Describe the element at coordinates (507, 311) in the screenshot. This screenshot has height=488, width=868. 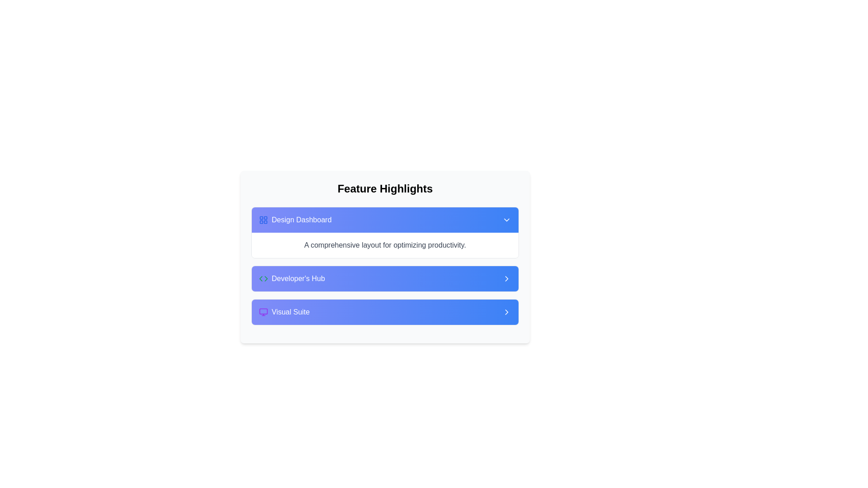
I see `the chevron icon located on the rightmost side of the 'Visual Suite' button` at that location.